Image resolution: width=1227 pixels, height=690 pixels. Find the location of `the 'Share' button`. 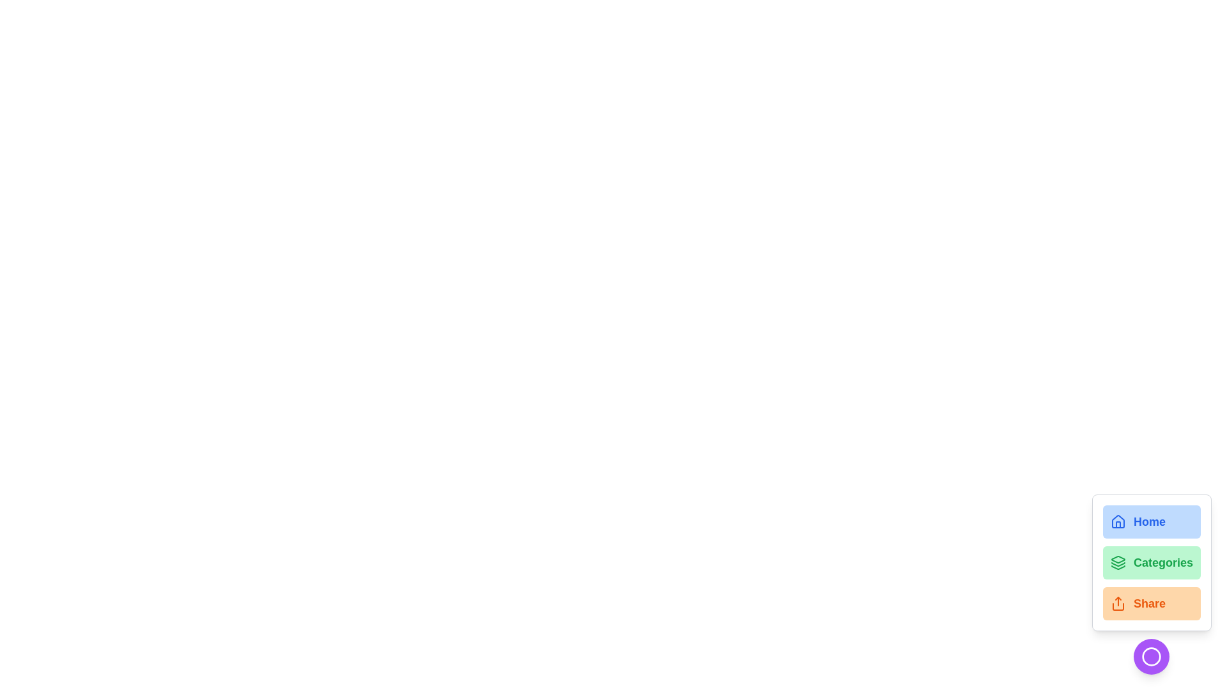

the 'Share' button is located at coordinates (1152, 604).